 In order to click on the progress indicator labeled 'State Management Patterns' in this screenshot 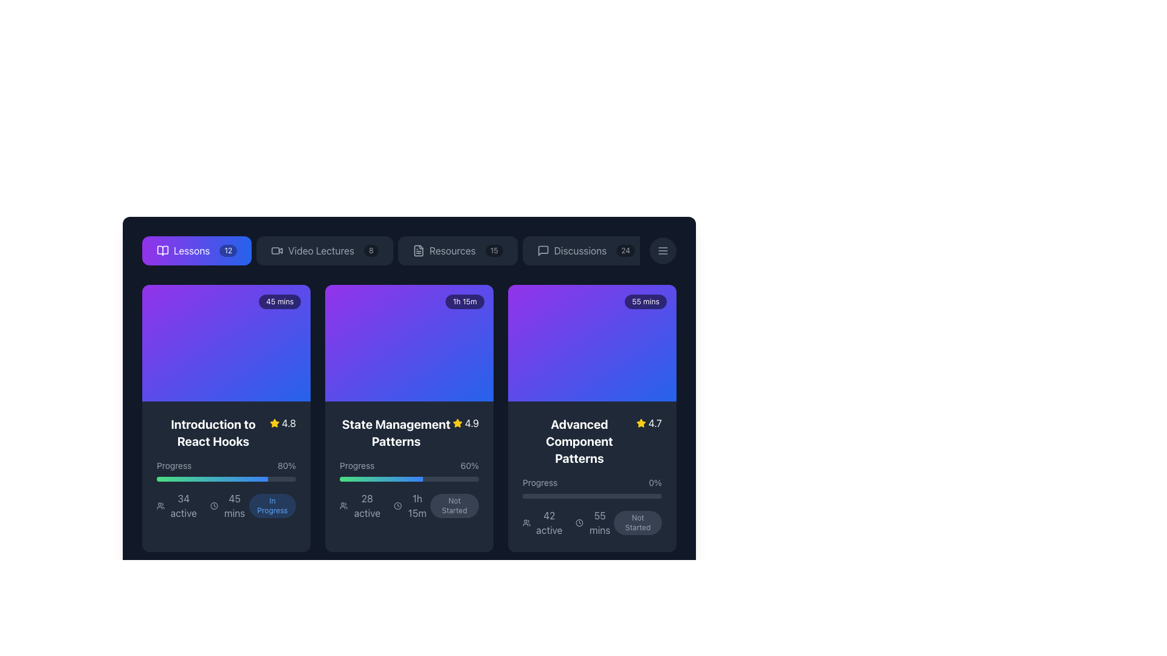, I will do `click(409, 470)`.